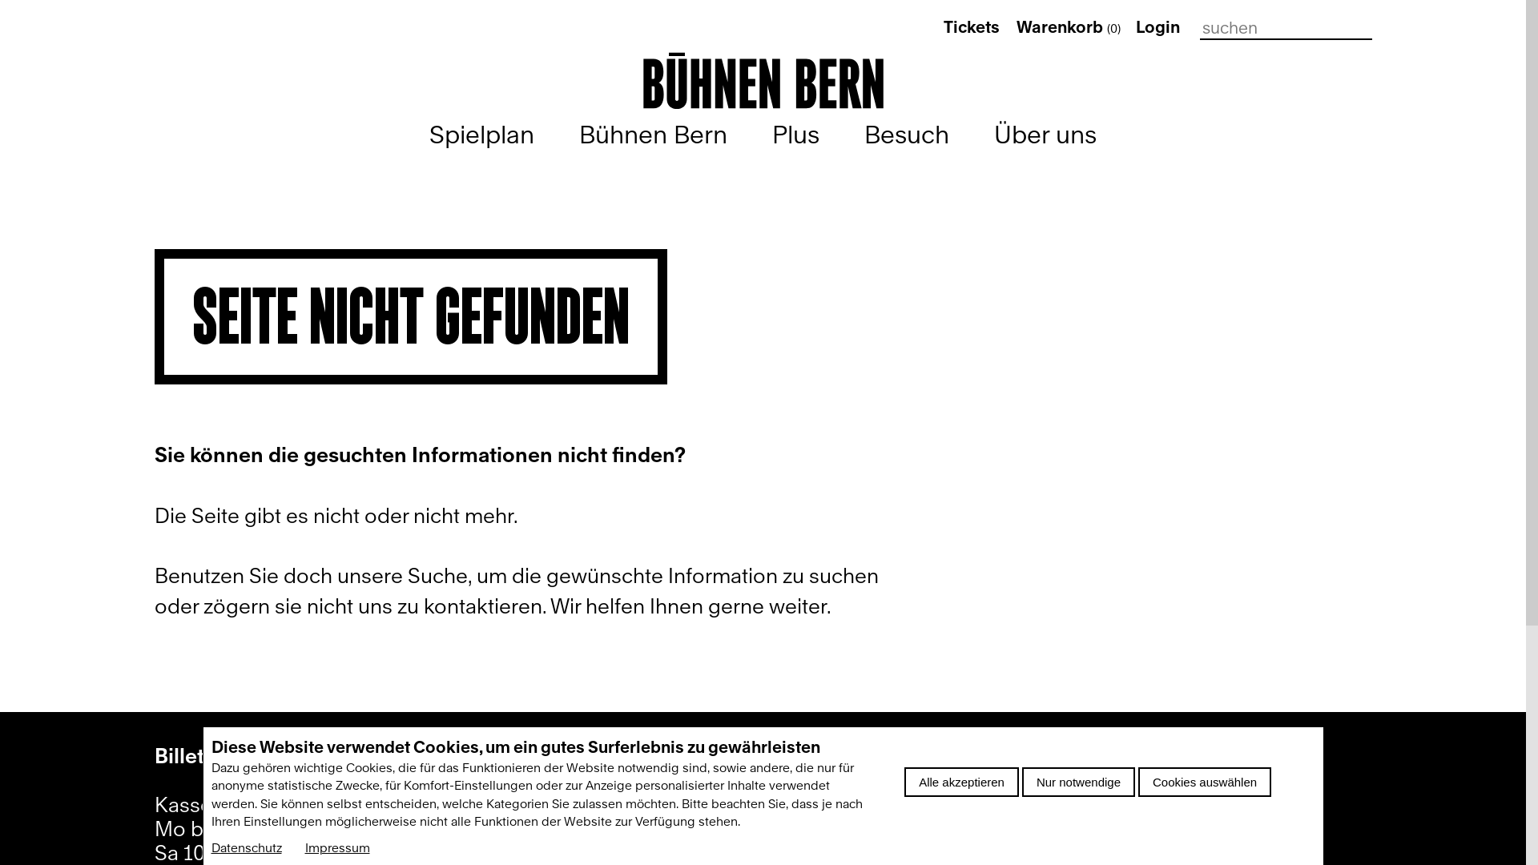 The height and width of the screenshot is (865, 1538). I want to click on 'Kontakt & Impressum', so click(1093, 758).